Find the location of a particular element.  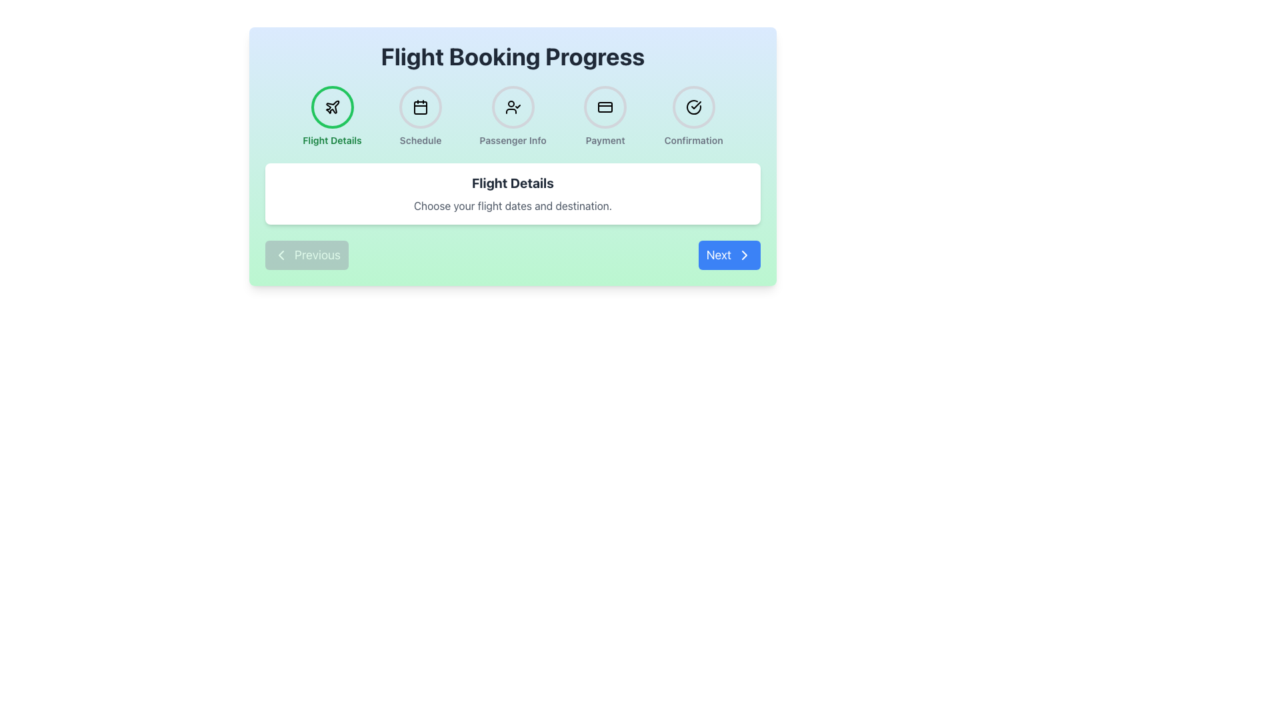

the circular button containing the user profile and checkmark icon is located at coordinates (512, 107).